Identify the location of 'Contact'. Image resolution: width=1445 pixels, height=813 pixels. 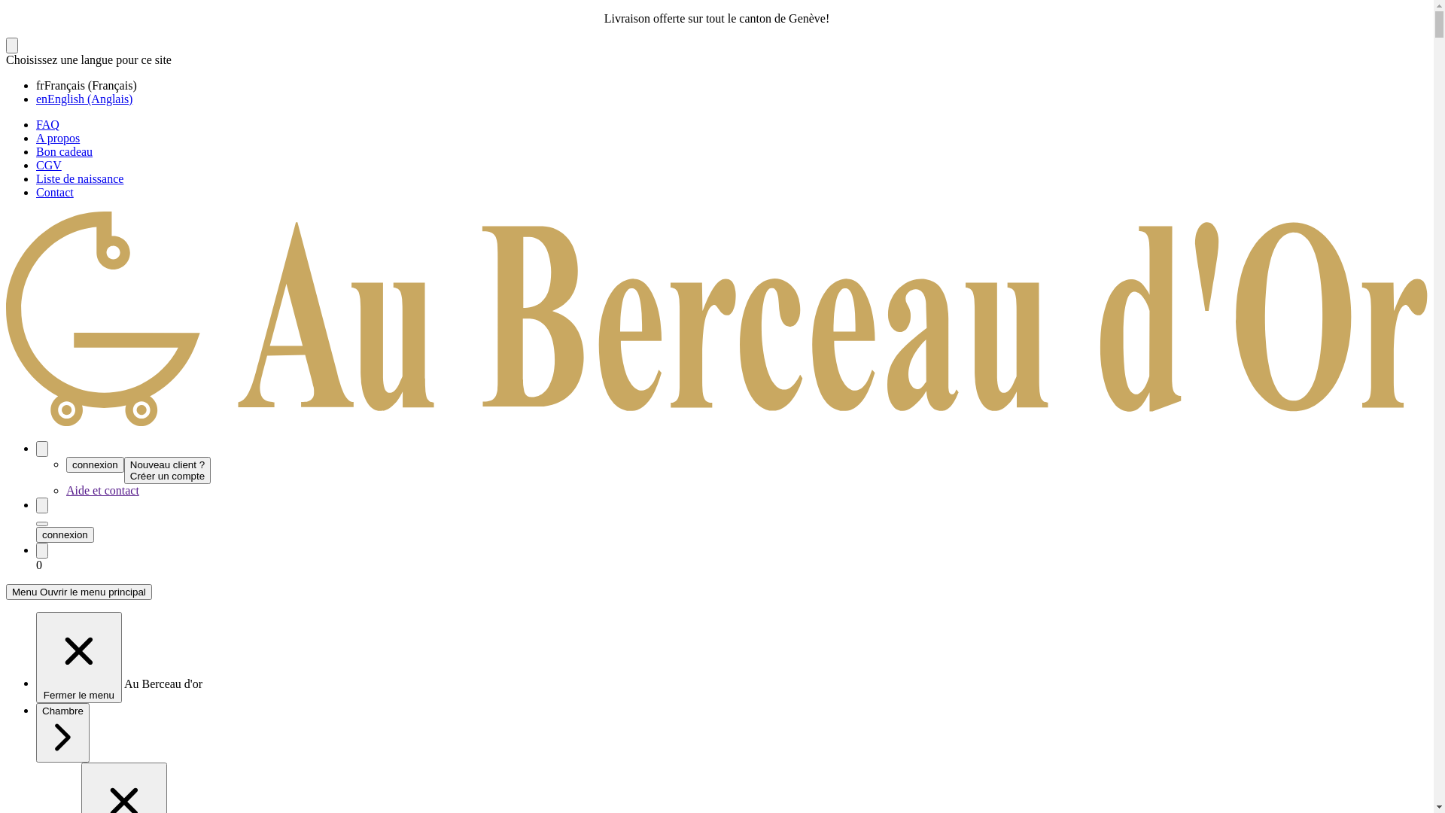
(36, 191).